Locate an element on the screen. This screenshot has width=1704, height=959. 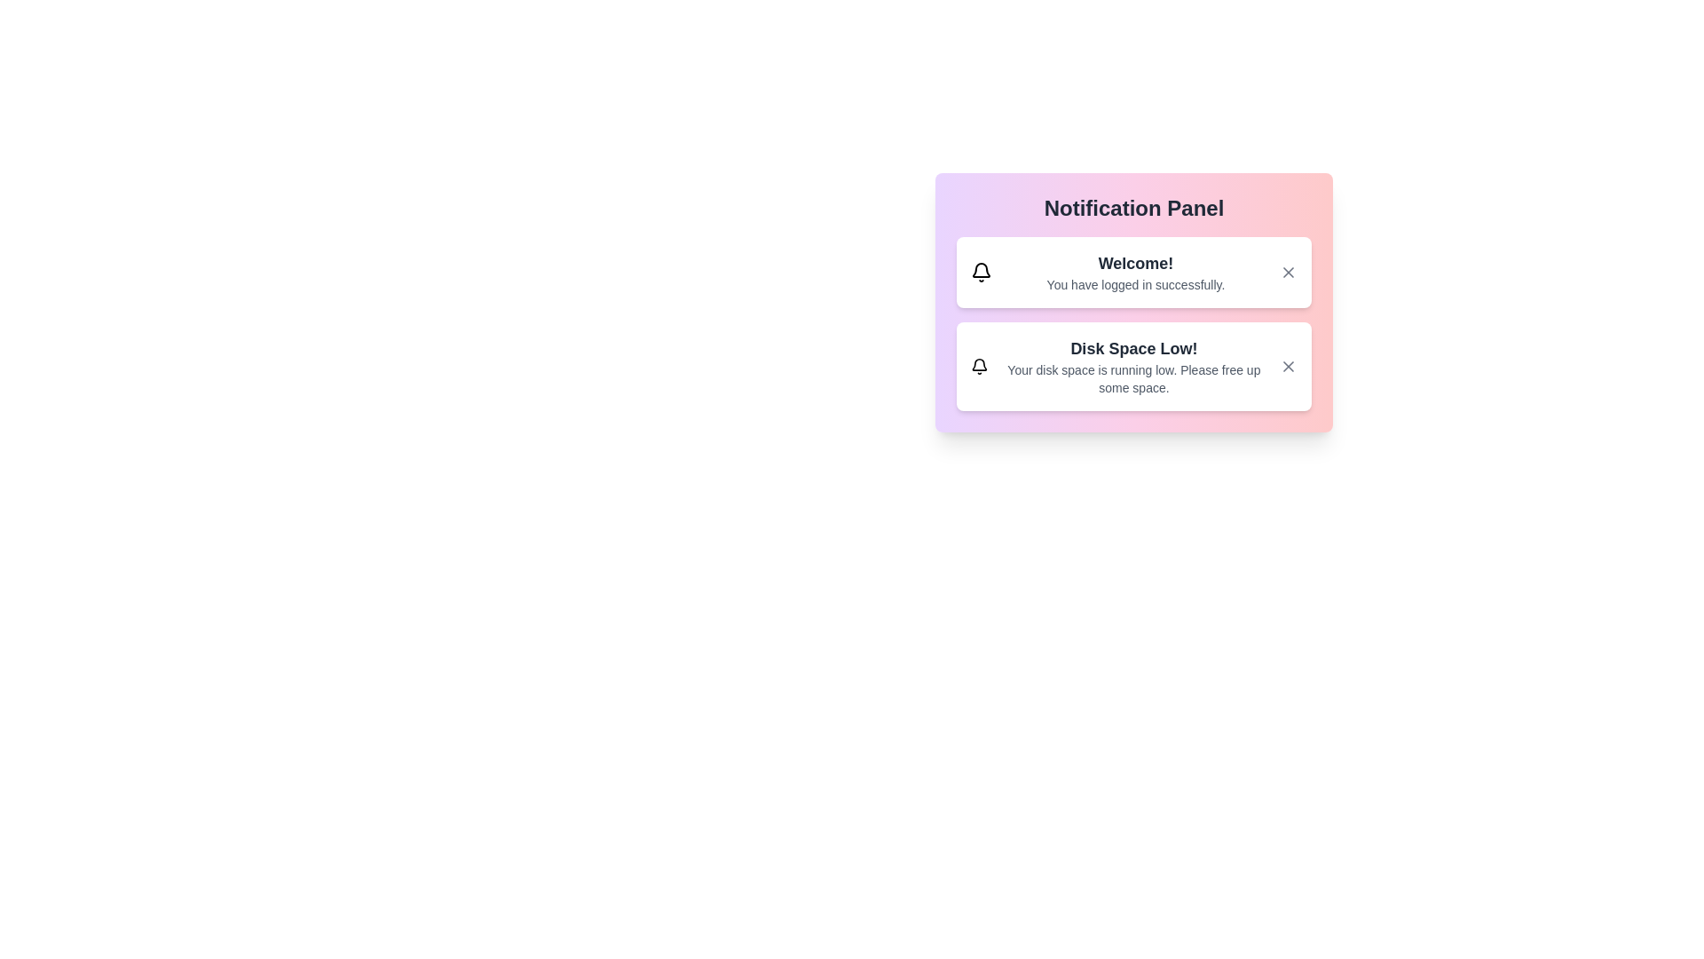
the notification icon for Welcome is located at coordinates (980, 273).